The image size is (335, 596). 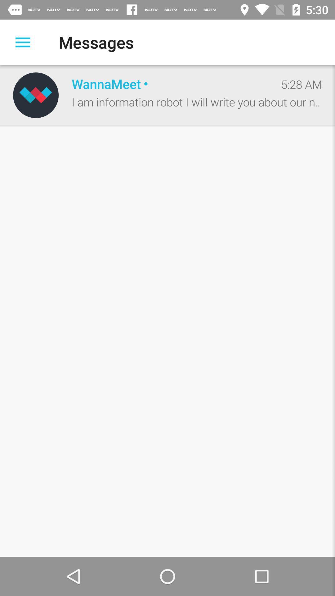 What do you see at coordinates (22, 42) in the screenshot?
I see `icon to the left of messages item` at bounding box center [22, 42].